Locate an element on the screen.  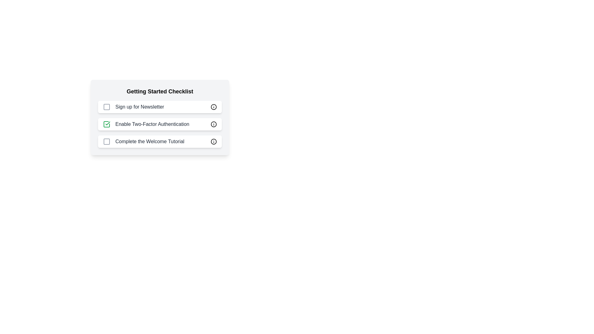
the SVG circle element associated with the 'Enable Two-Factor Authentication' checklist item, which is visually part of the icon and is located near the right edge is located at coordinates (214, 124).